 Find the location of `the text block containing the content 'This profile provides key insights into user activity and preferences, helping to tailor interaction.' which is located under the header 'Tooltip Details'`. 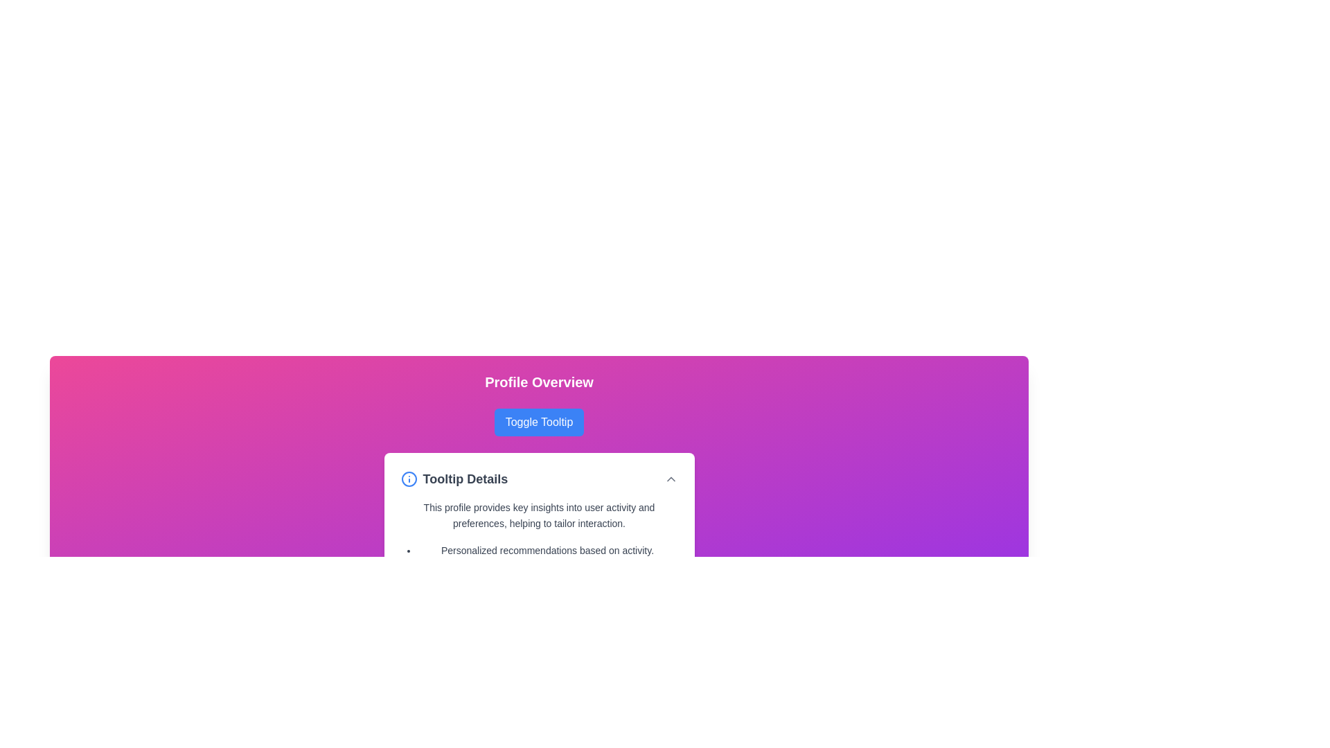

the text block containing the content 'This profile provides key insights into user activity and preferences, helping to tailor interaction.' which is located under the header 'Tooltip Details' is located at coordinates (538, 515).